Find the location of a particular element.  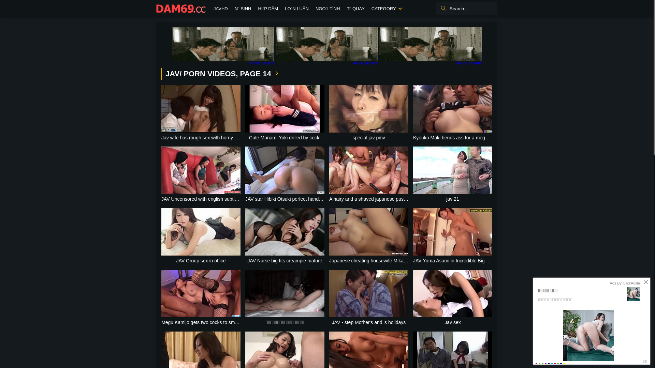

'JAV Group sex in office' is located at coordinates (201, 236).